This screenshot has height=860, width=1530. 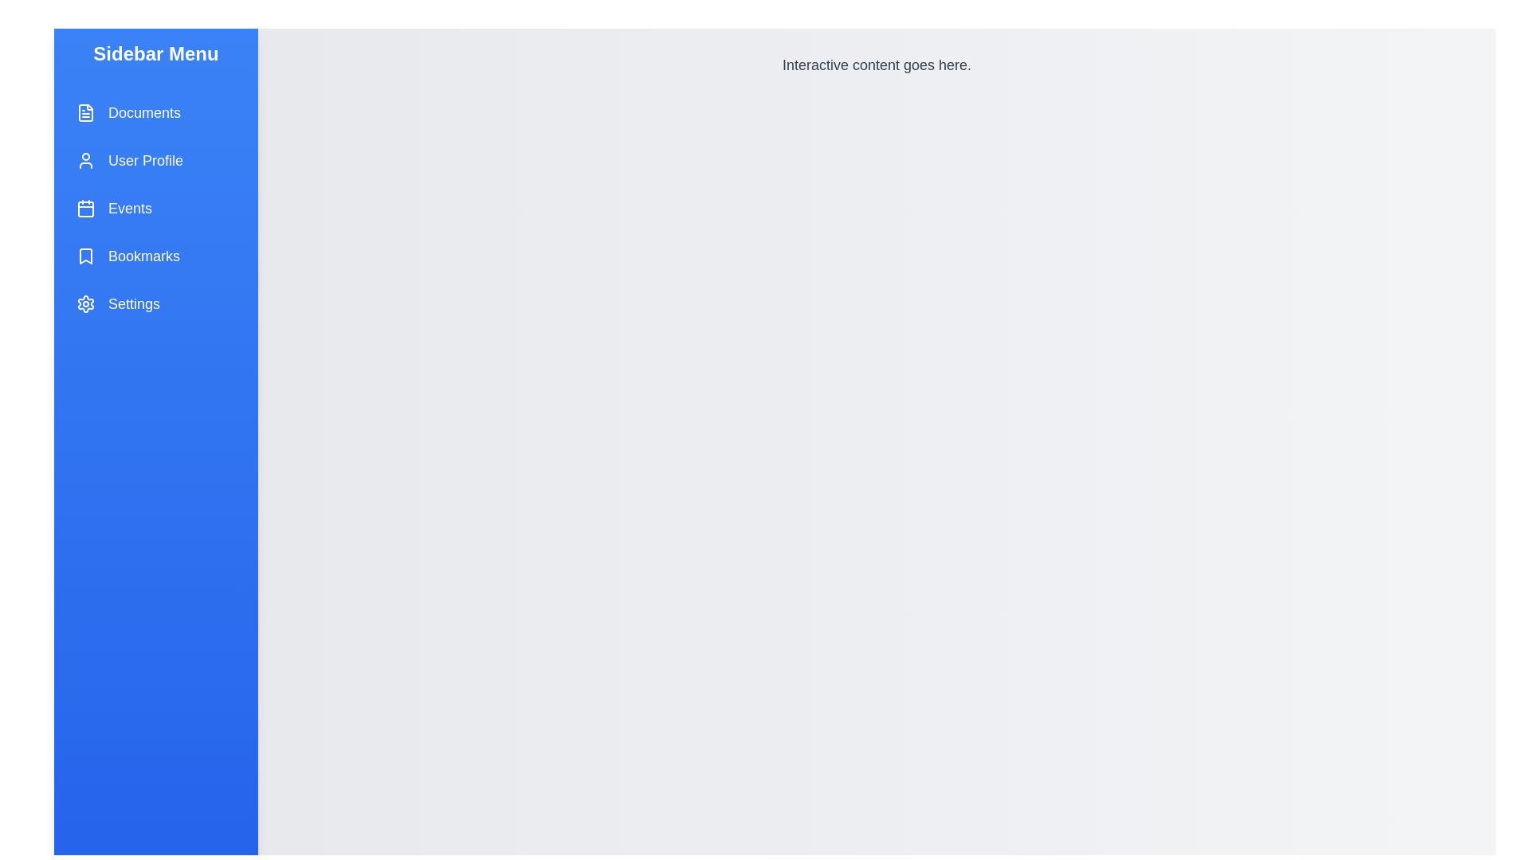 I want to click on the menu item labeled Documents, so click(x=156, y=112).